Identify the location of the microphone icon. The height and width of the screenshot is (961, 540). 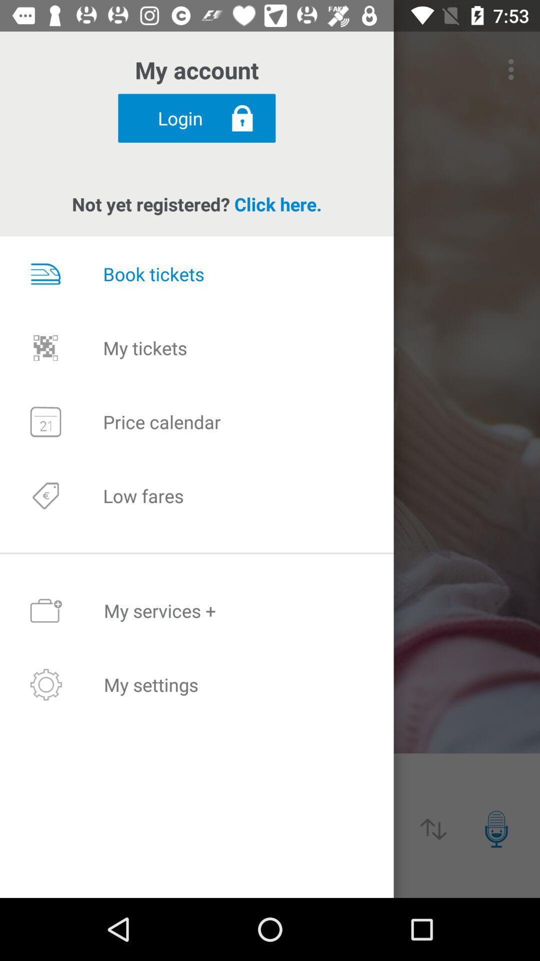
(496, 829).